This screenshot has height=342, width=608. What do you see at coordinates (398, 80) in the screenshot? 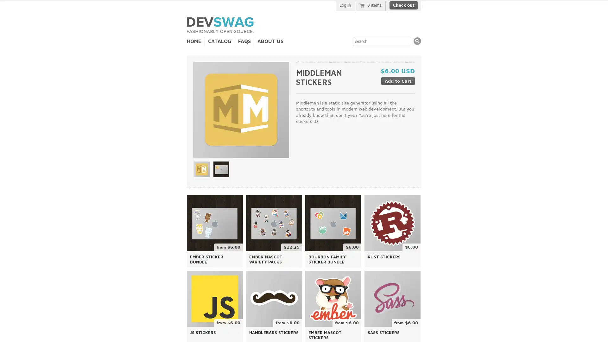
I see `Add to Cart` at bounding box center [398, 80].